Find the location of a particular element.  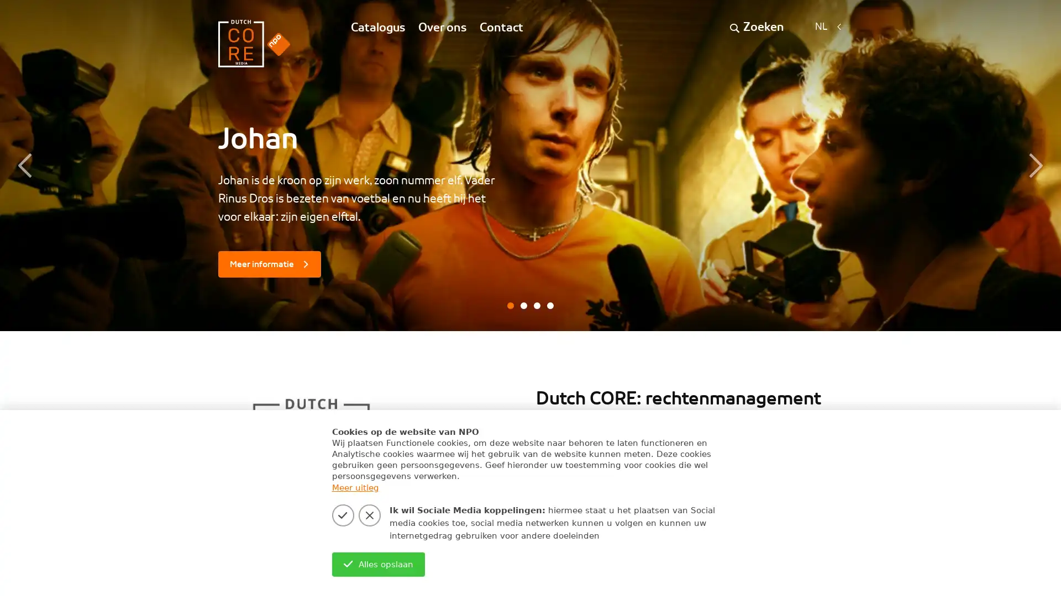

Alles opslaan is located at coordinates (378, 564).